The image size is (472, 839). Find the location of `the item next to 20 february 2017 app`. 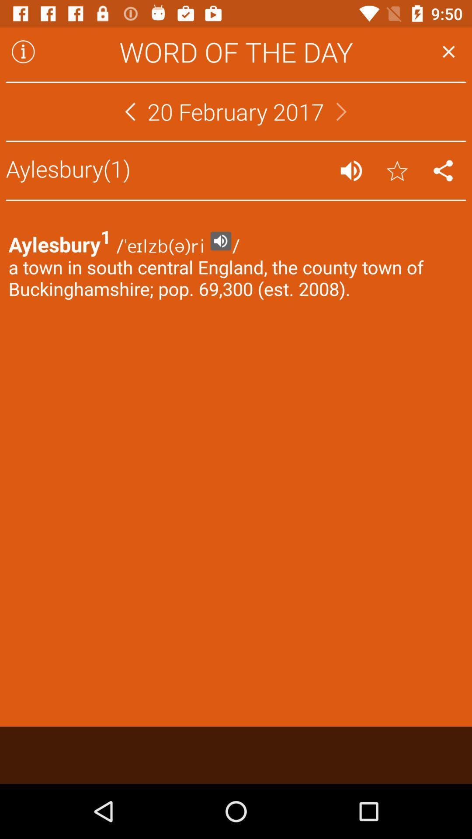

the item next to 20 february 2017 app is located at coordinates (341, 111).